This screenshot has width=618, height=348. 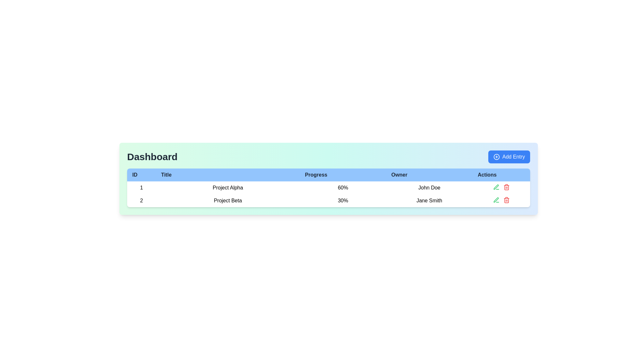 What do you see at coordinates (228, 188) in the screenshot?
I see `text of the title 'Project Alpha' located in the second column of the first row of the table under the 'Title' header` at bounding box center [228, 188].